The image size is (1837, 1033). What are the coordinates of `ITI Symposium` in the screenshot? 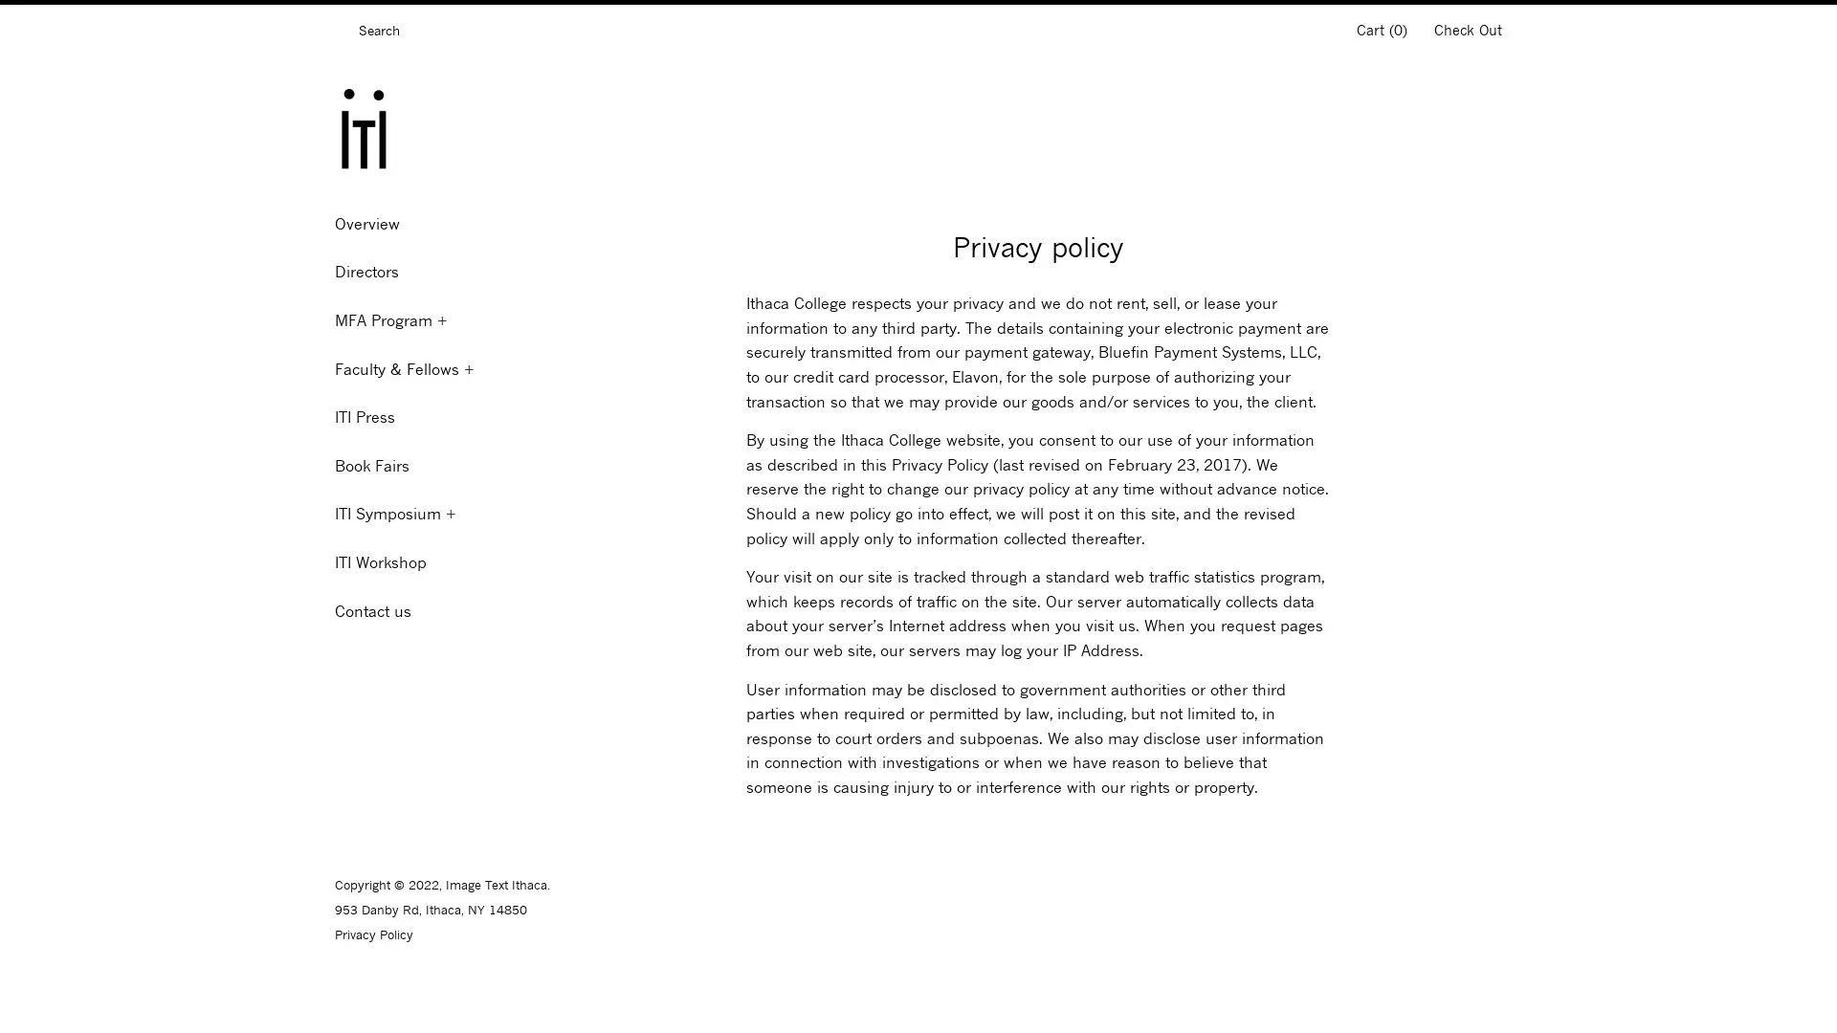 It's located at (439, 513).